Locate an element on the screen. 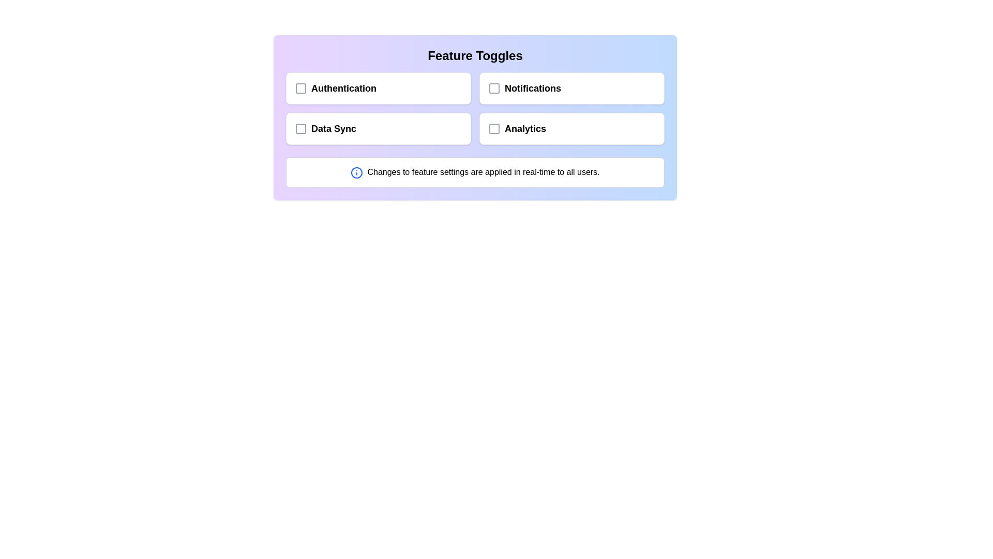 Image resolution: width=993 pixels, height=559 pixels. the 'Data Sync' toggleable feature block located in the left column of the second row is located at coordinates (378, 128).